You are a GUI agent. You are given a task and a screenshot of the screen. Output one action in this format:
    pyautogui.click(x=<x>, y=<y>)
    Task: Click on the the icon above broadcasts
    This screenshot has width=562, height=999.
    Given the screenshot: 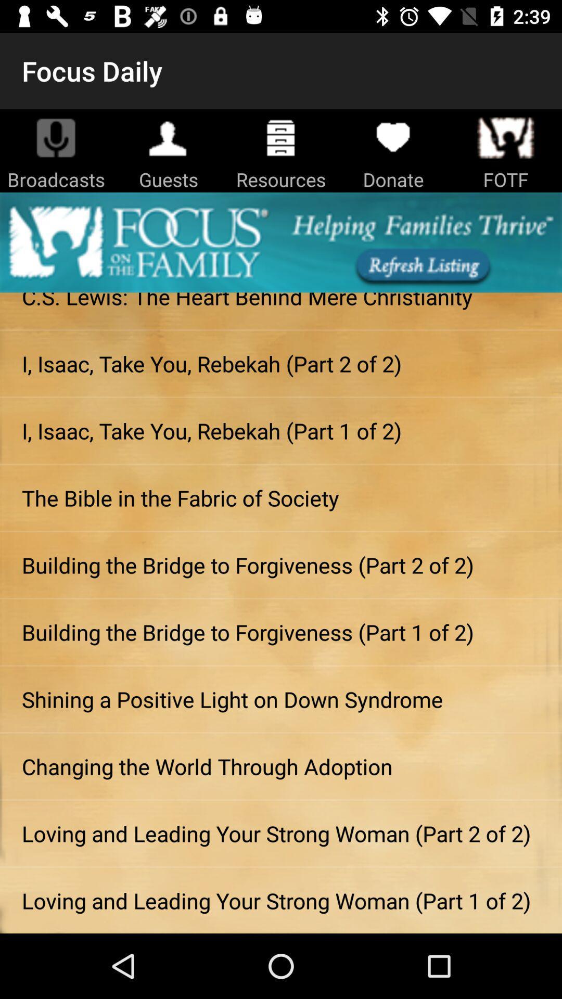 What is the action you would take?
    pyautogui.click(x=56, y=137)
    